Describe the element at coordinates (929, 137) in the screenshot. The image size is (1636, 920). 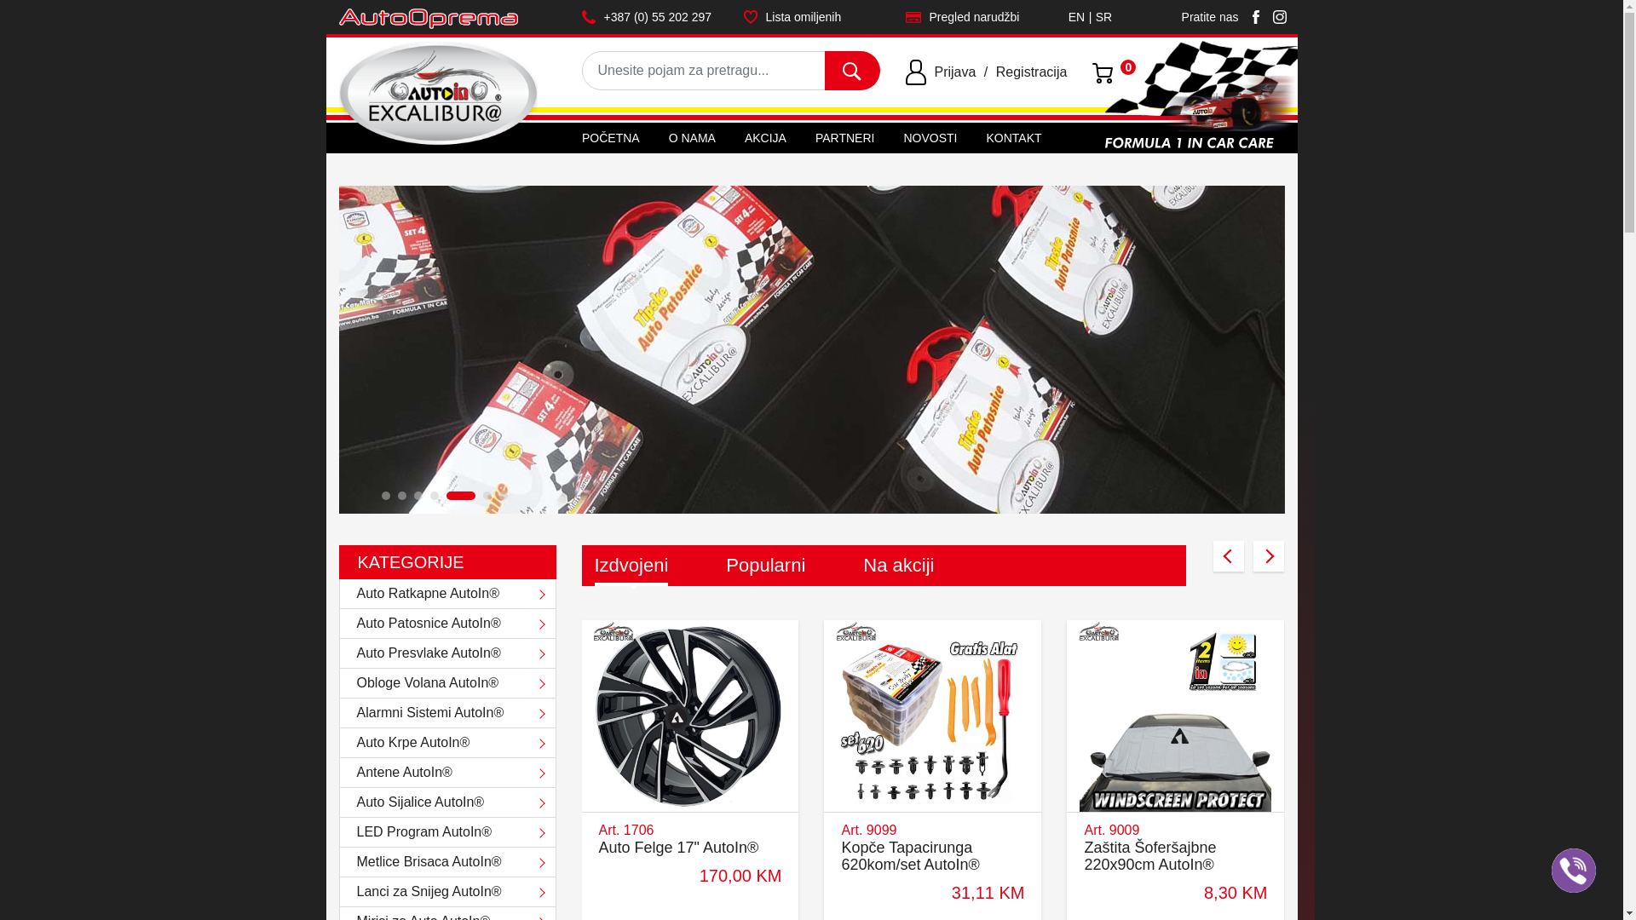
I see `'NOVOSTI'` at that location.